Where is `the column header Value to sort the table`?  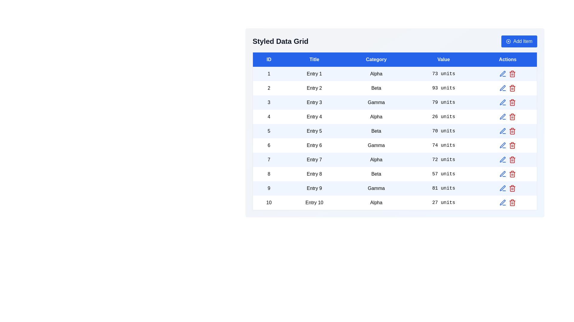 the column header Value to sort the table is located at coordinates (444, 59).